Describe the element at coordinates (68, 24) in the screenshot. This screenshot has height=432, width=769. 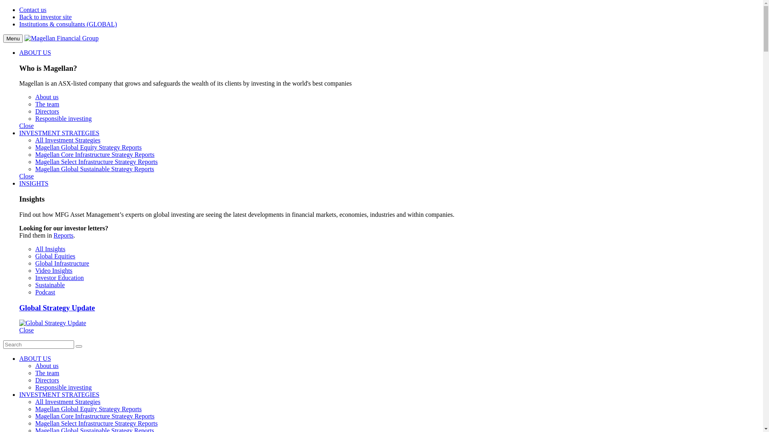
I see `'Institutions & consultants (GLOBAL)'` at that location.